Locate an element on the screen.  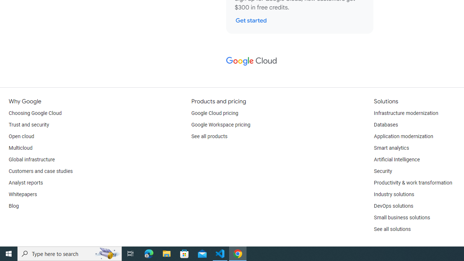
'Get started' is located at coordinates (251, 20).